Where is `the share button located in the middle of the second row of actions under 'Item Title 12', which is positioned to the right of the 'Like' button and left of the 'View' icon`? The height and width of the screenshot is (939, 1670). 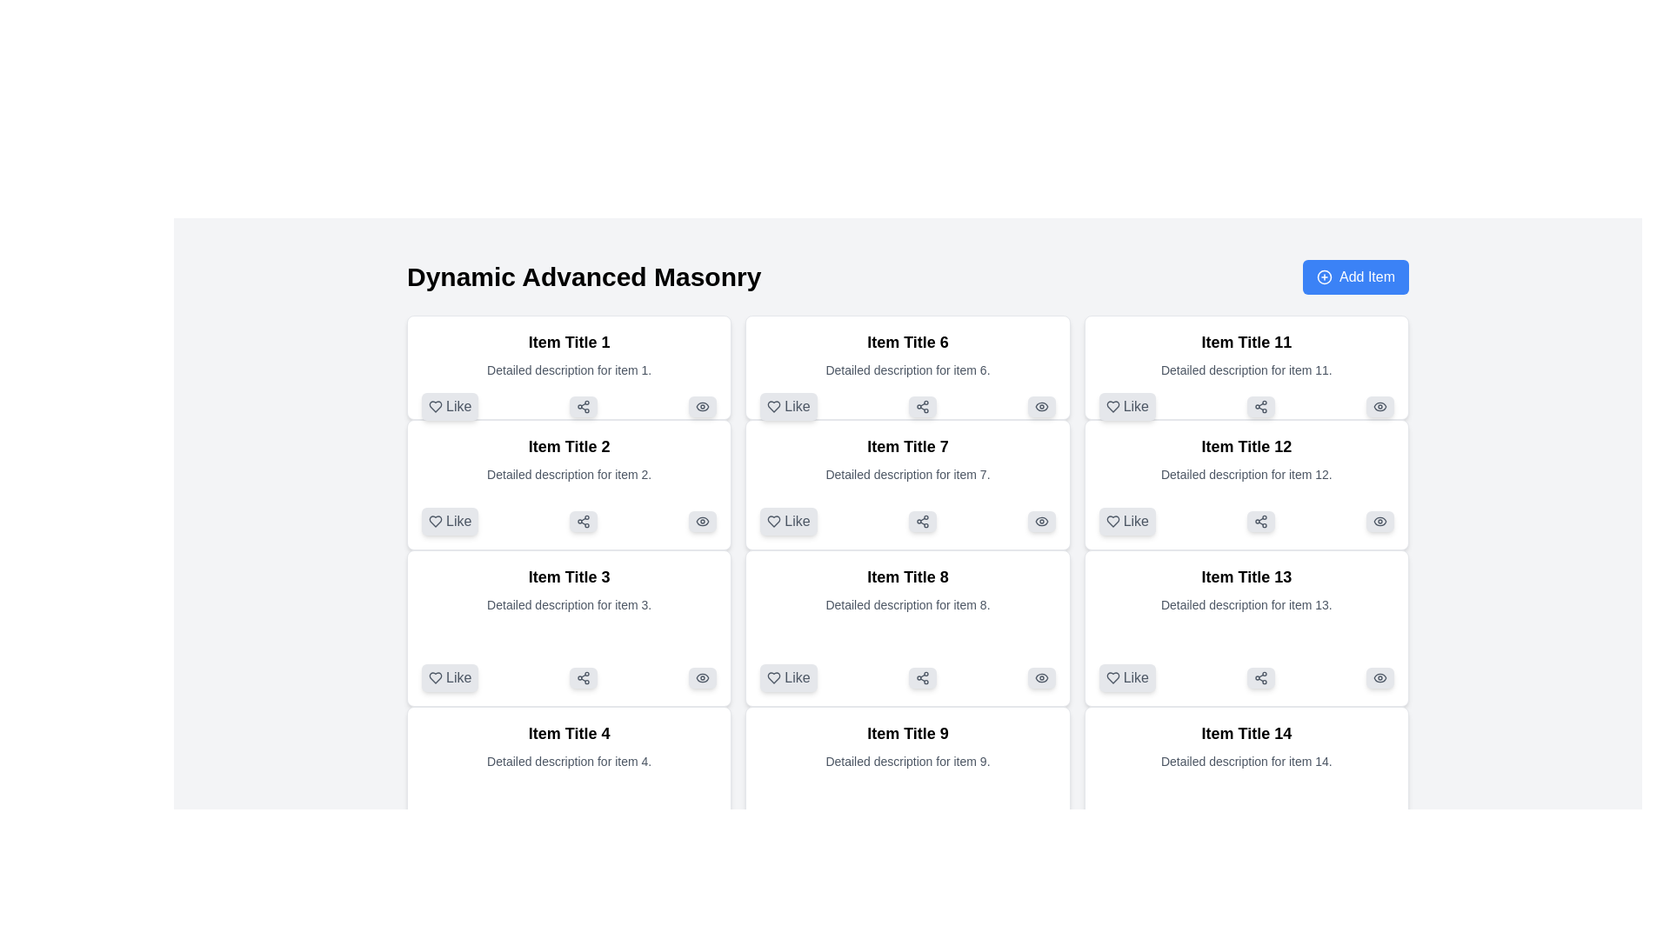 the share button located in the middle of the second row of actions under 'Item Title 12', which is positioned to the right of the 'Like' button and left of the 'View' icon is located at coordinates (1260, 521).